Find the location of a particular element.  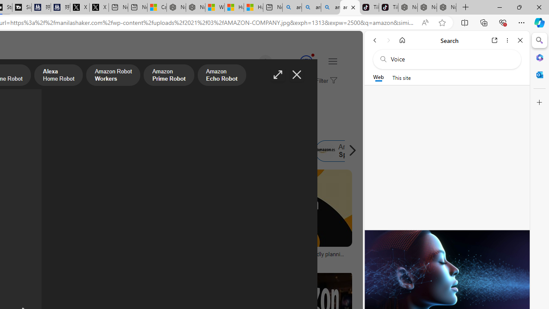

'Settings and quick links' is located at coordinates (332, 61).